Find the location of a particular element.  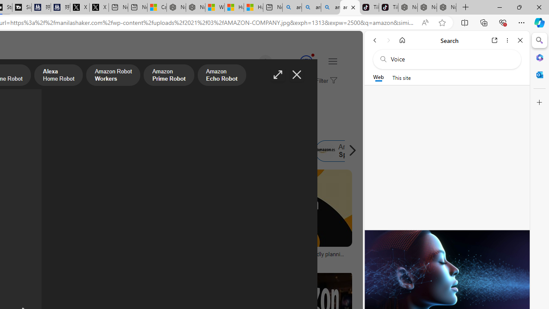

'Settings and quick links' is located at coordinates (332, 61).